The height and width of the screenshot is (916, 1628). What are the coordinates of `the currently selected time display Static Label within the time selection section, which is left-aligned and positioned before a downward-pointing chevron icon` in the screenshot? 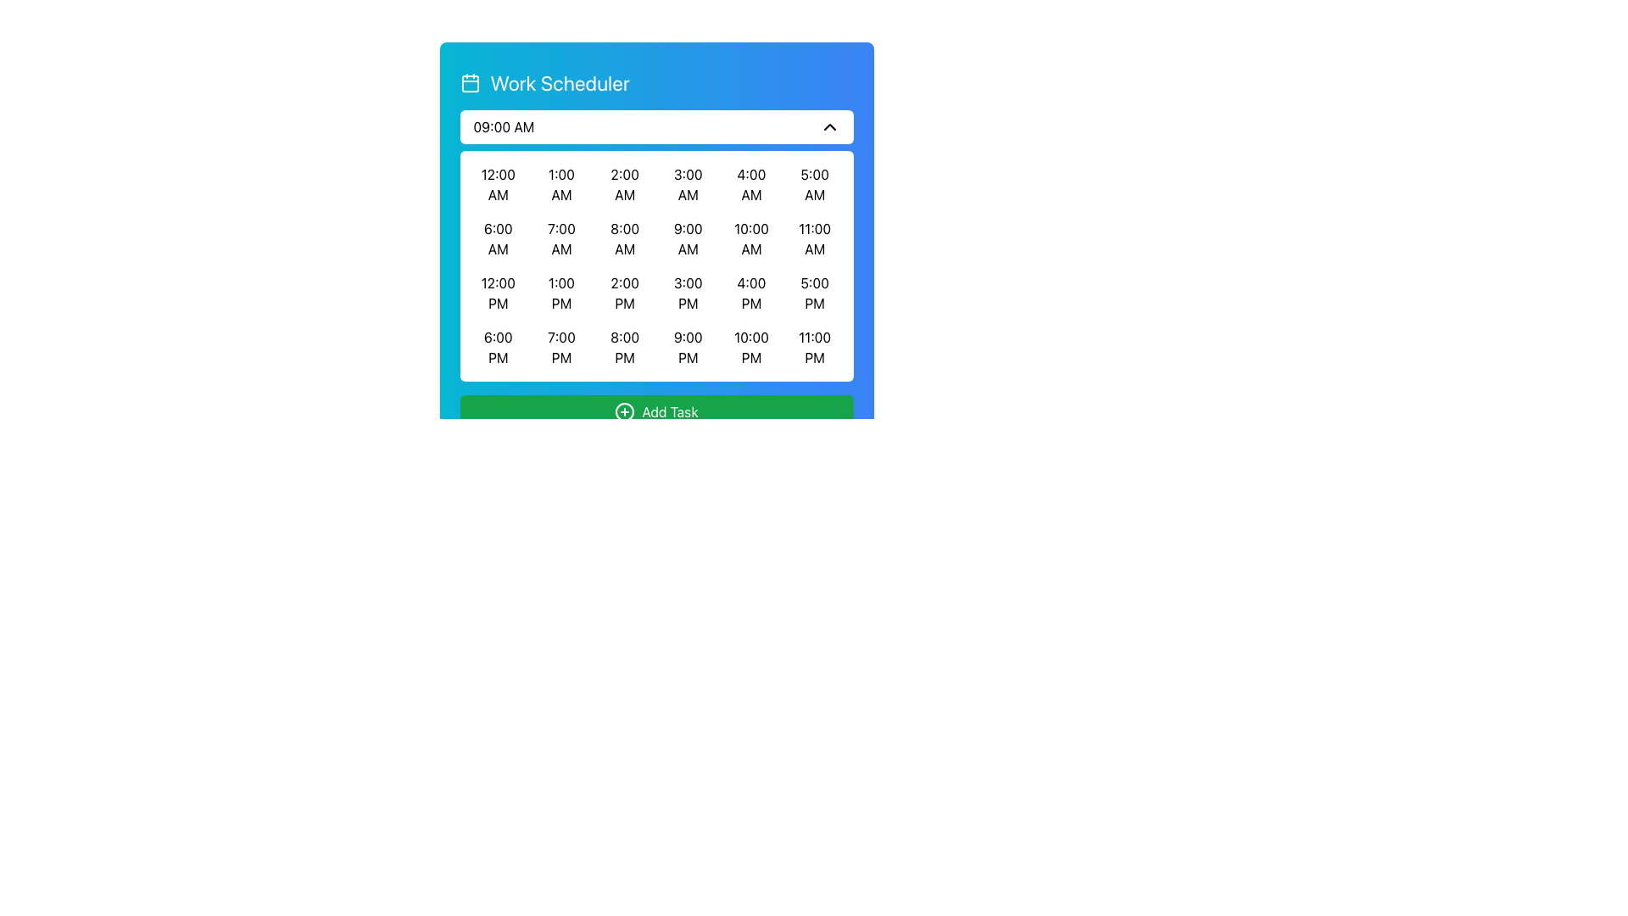 It's located at (503, 126).